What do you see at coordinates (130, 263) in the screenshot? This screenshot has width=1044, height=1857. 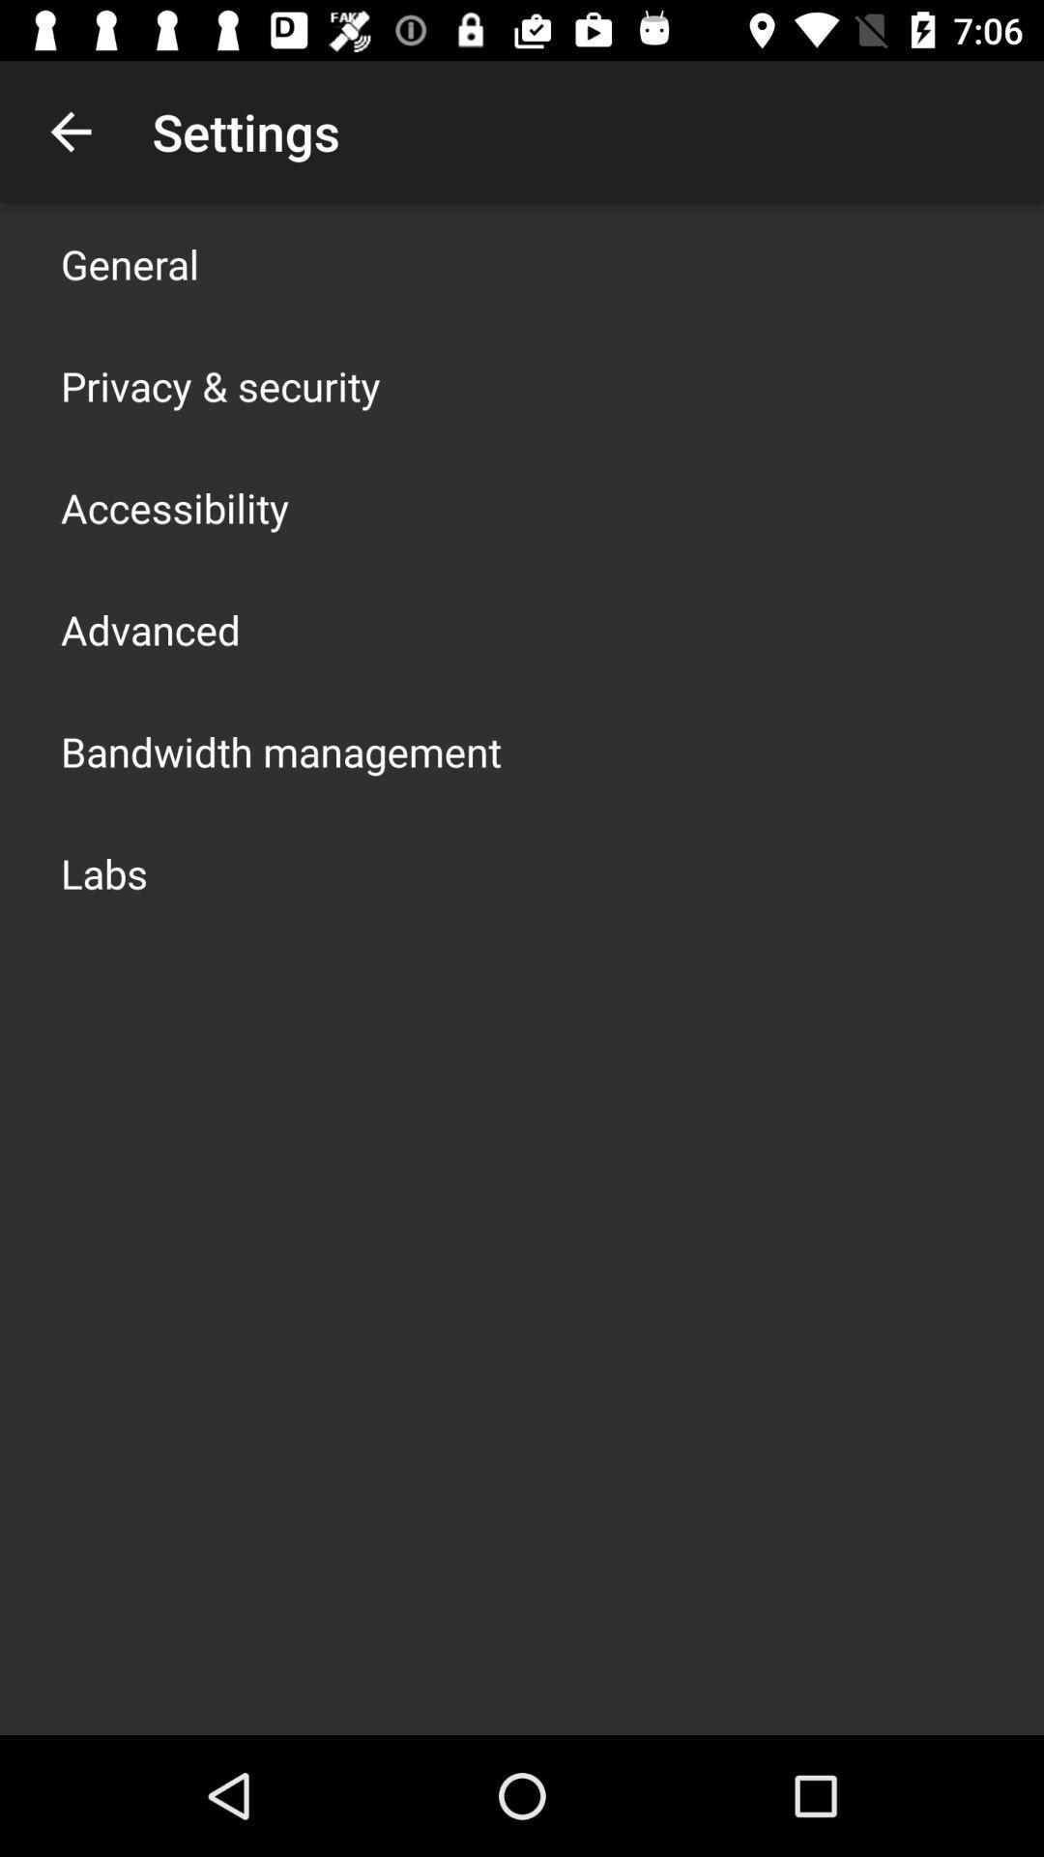 I see `app above the privacy & security item` at bounding box center [130, 263].